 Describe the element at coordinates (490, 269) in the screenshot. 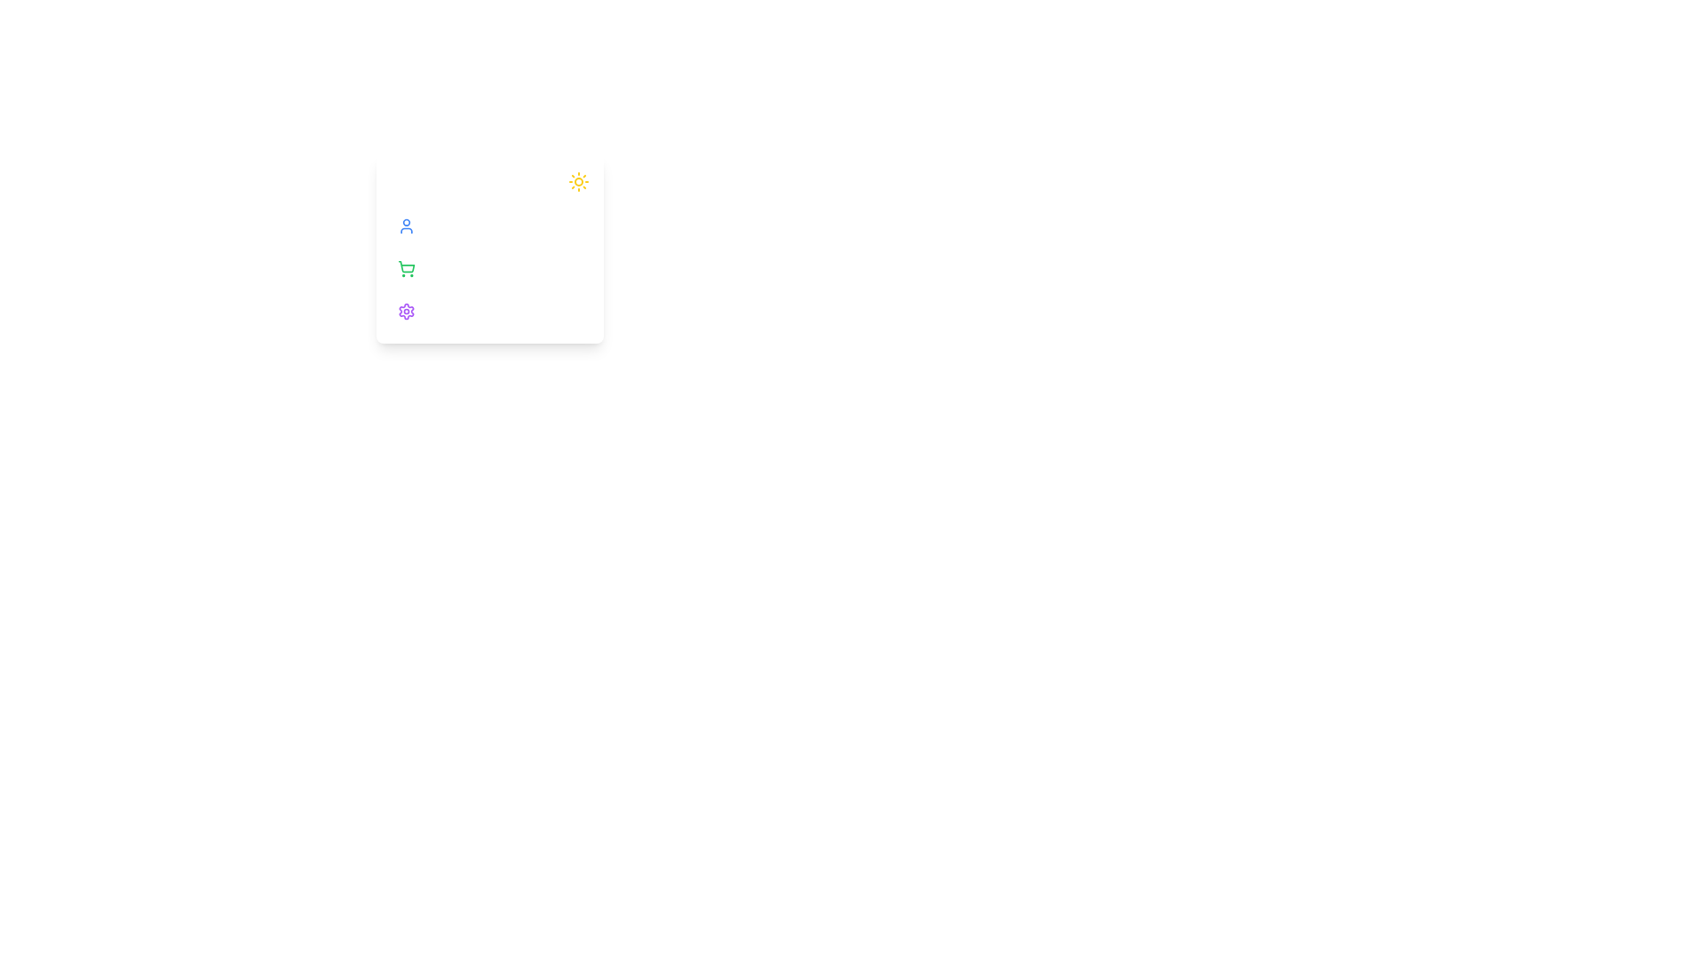

I see `the option Cart in the sidebar to view its hover effect` at that location.